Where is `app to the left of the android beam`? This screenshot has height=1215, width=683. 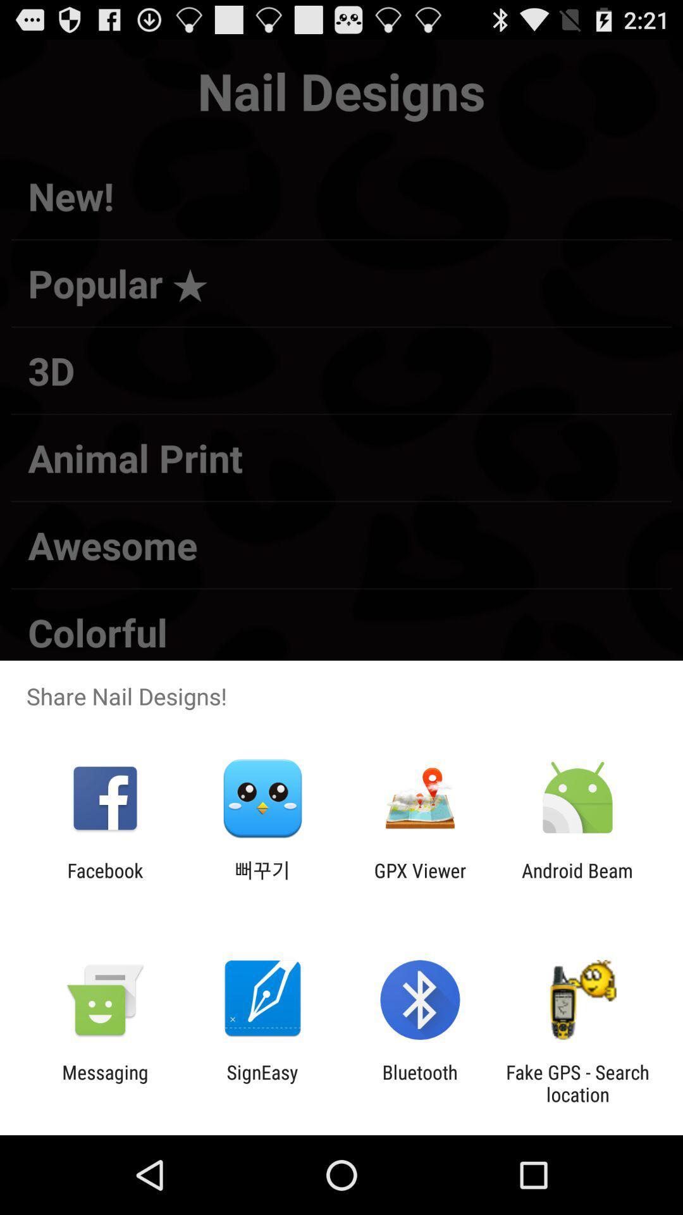
app to the left of the android beam is located at coordinates (420, 881).